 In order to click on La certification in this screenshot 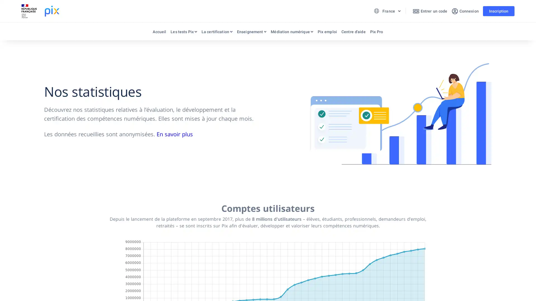, I will do `click(216, 33)`.